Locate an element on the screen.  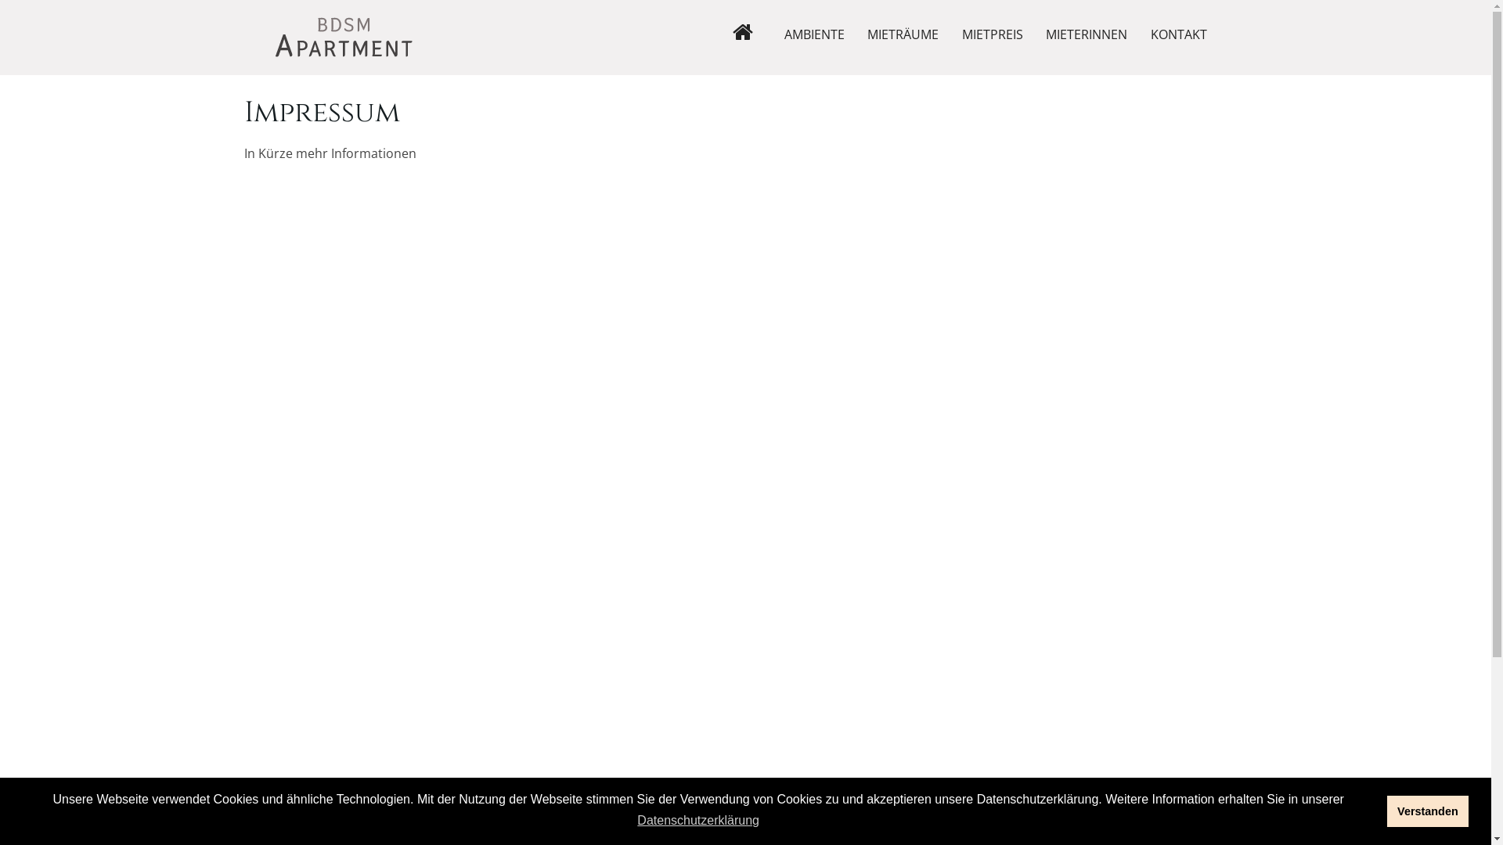
'MIETPREIS' is located at coordinates (991, 34).